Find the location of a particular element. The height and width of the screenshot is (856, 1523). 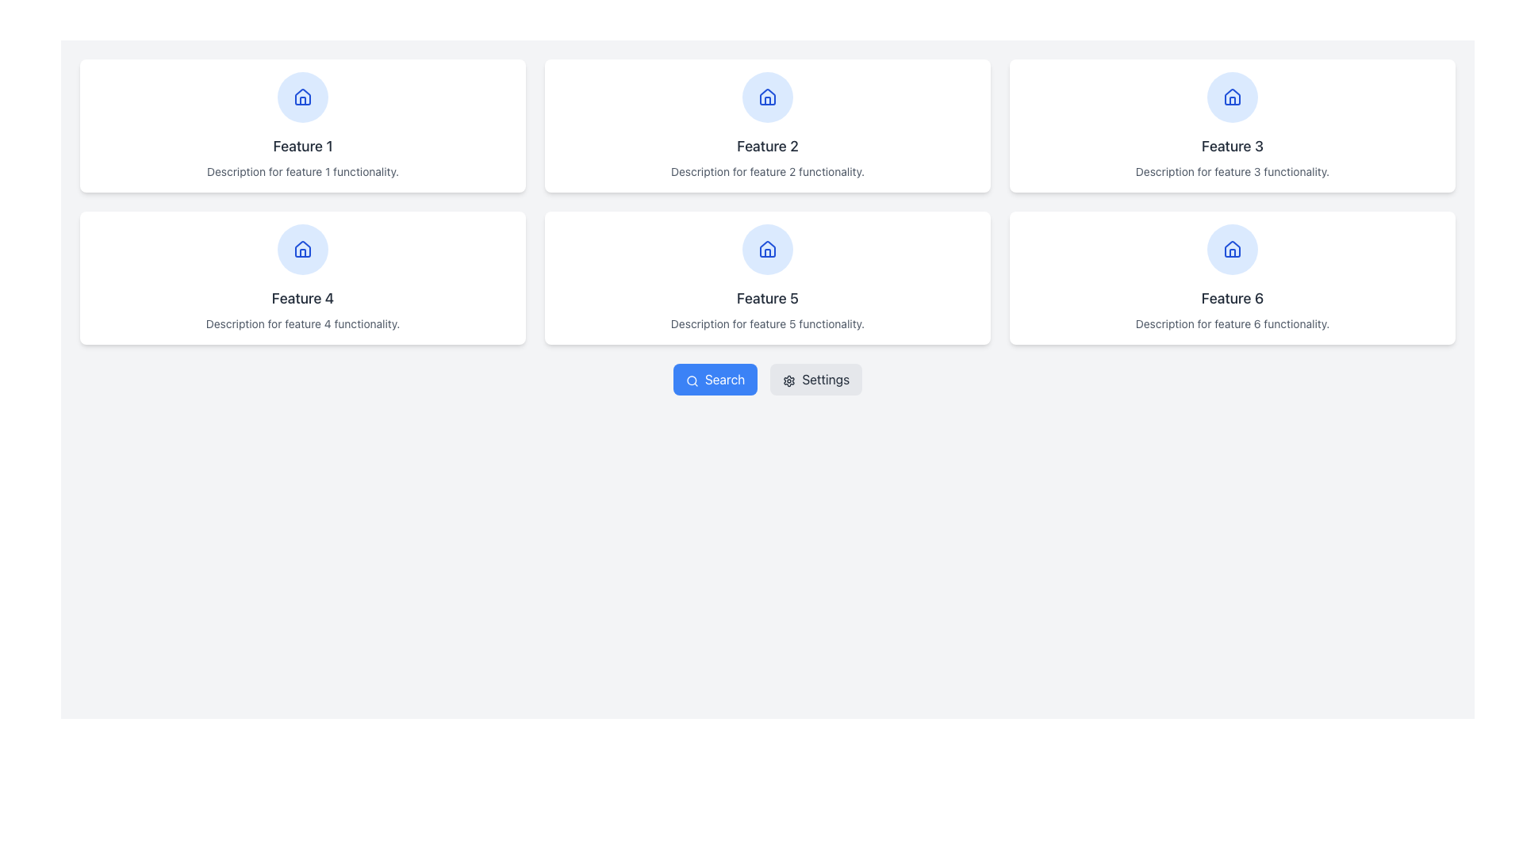

the text label displaying 'Description for feature 6 functionality.' which is located below the title 'Feature 6' in the bottom-right corner of the grid layout is located at coordinates (1232, 323).